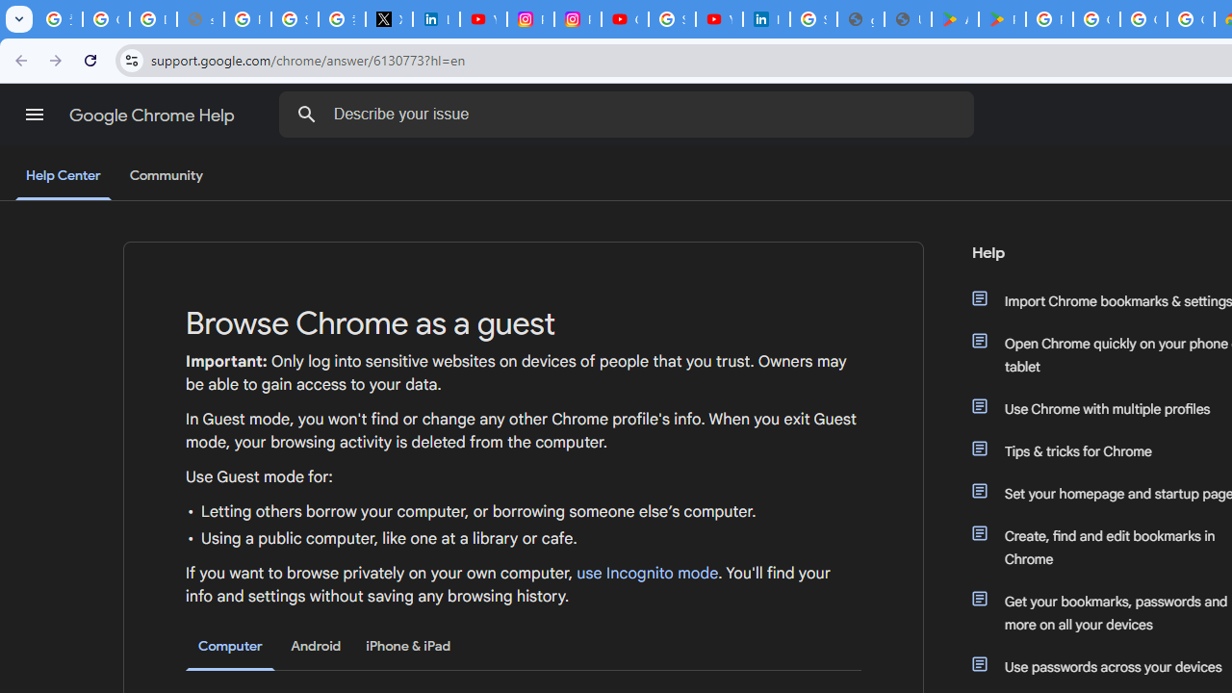 The image size is (1232, 693). What do you see at coordinates (200, 19) in the screenshot?
I see `'support.google.com - Network error'` at bounding box center [200, 19].